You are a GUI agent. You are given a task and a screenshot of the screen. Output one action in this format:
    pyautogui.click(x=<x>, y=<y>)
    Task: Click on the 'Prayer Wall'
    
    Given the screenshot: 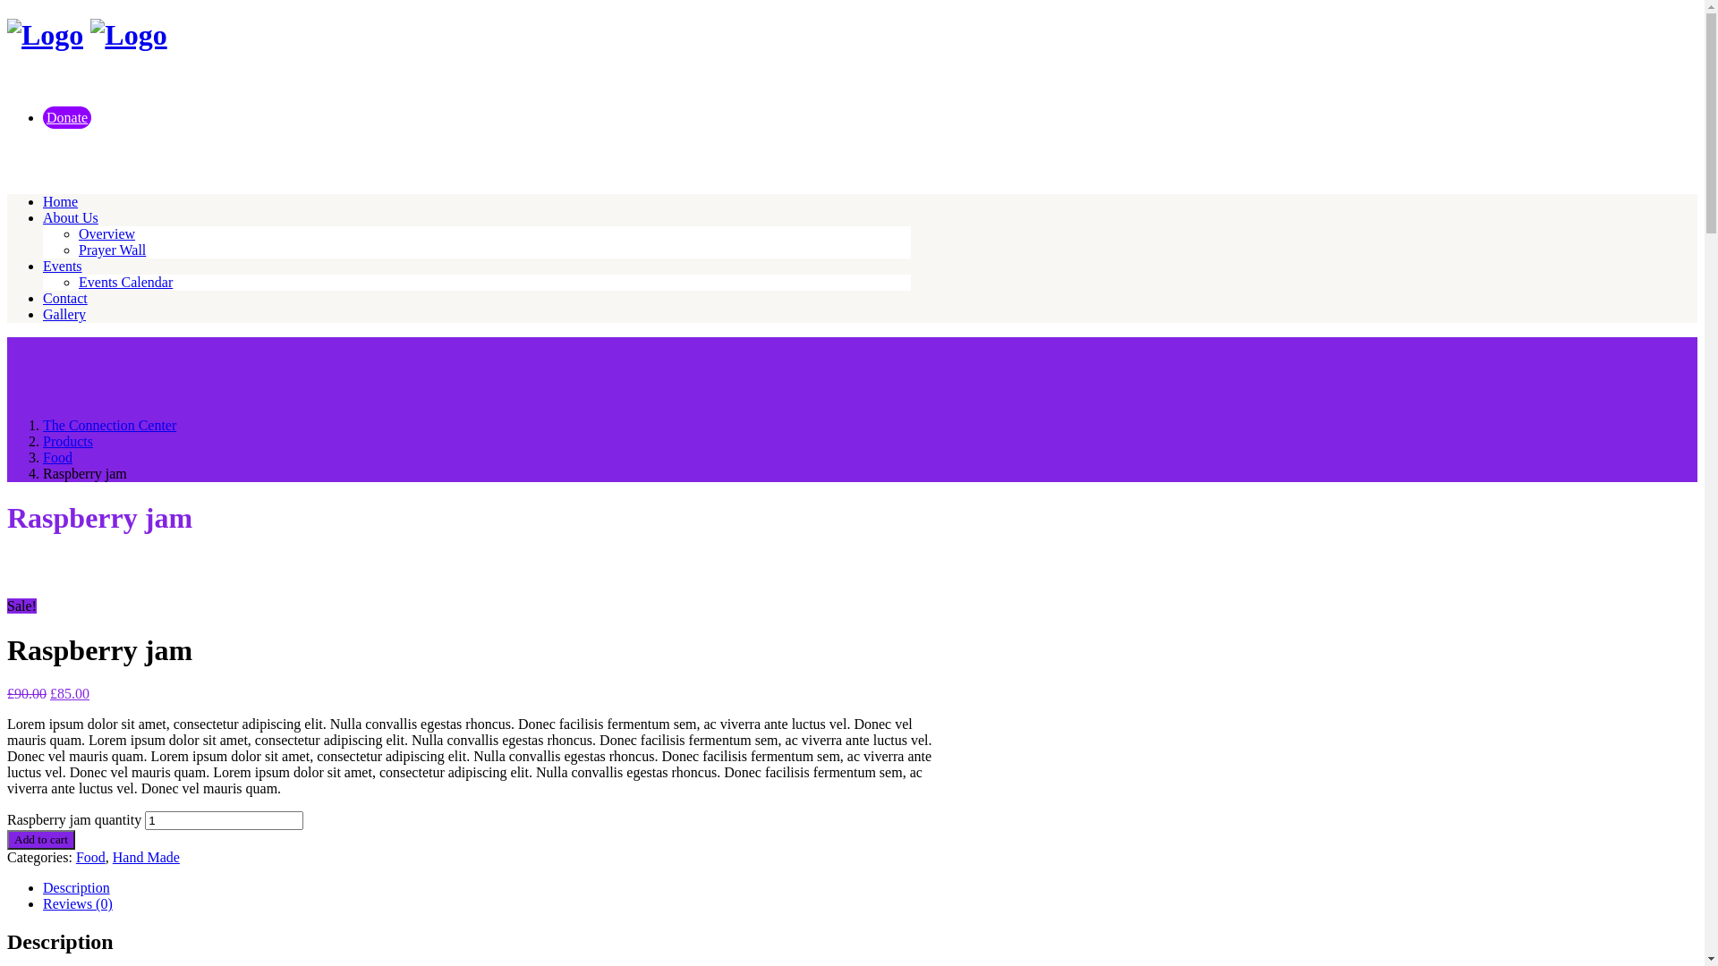 What is the action you would take?
    pyautogui.click(x=111, y=250)
    